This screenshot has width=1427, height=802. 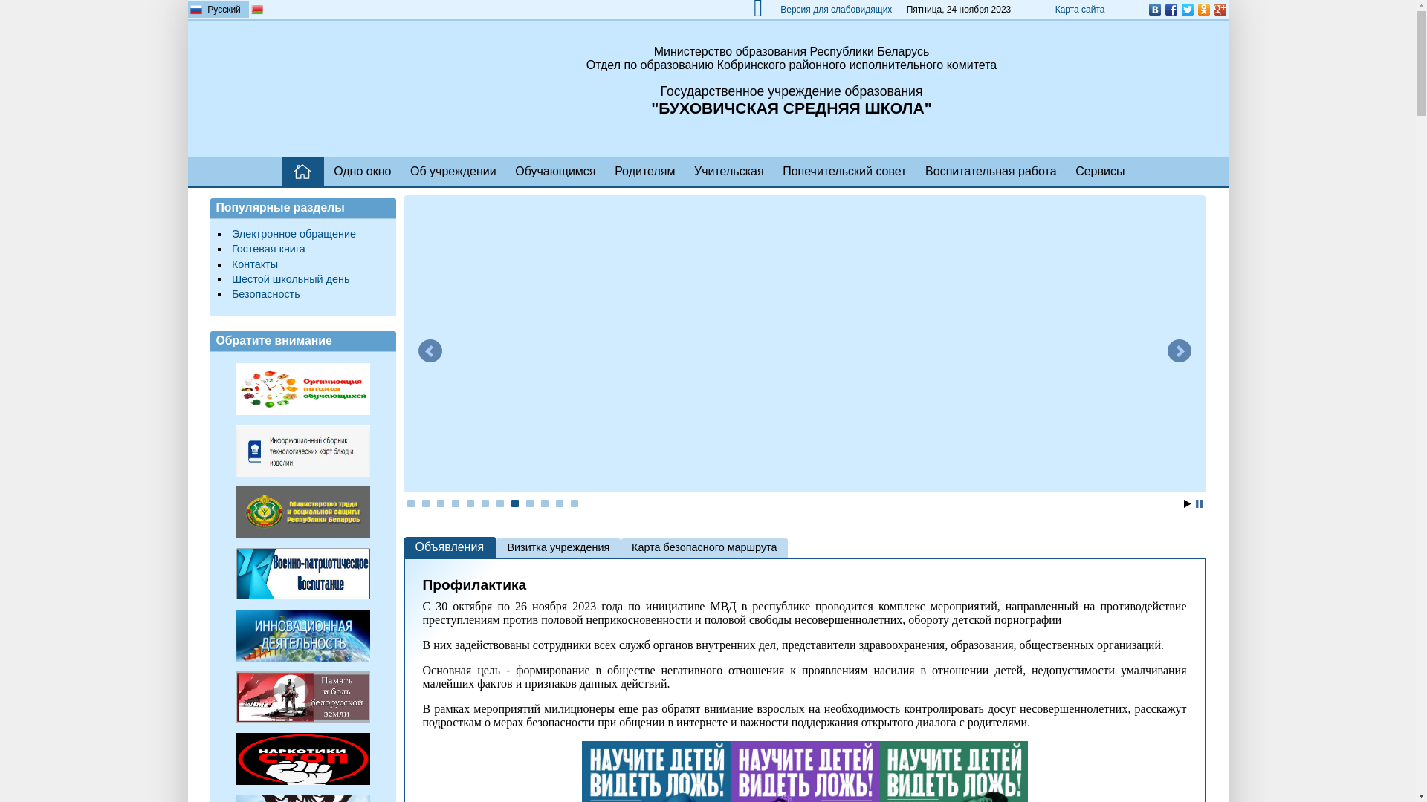 What do you see at coordinates (485, 503) in the screenshot?
I see `'6'` at bounding box center [485, 503].